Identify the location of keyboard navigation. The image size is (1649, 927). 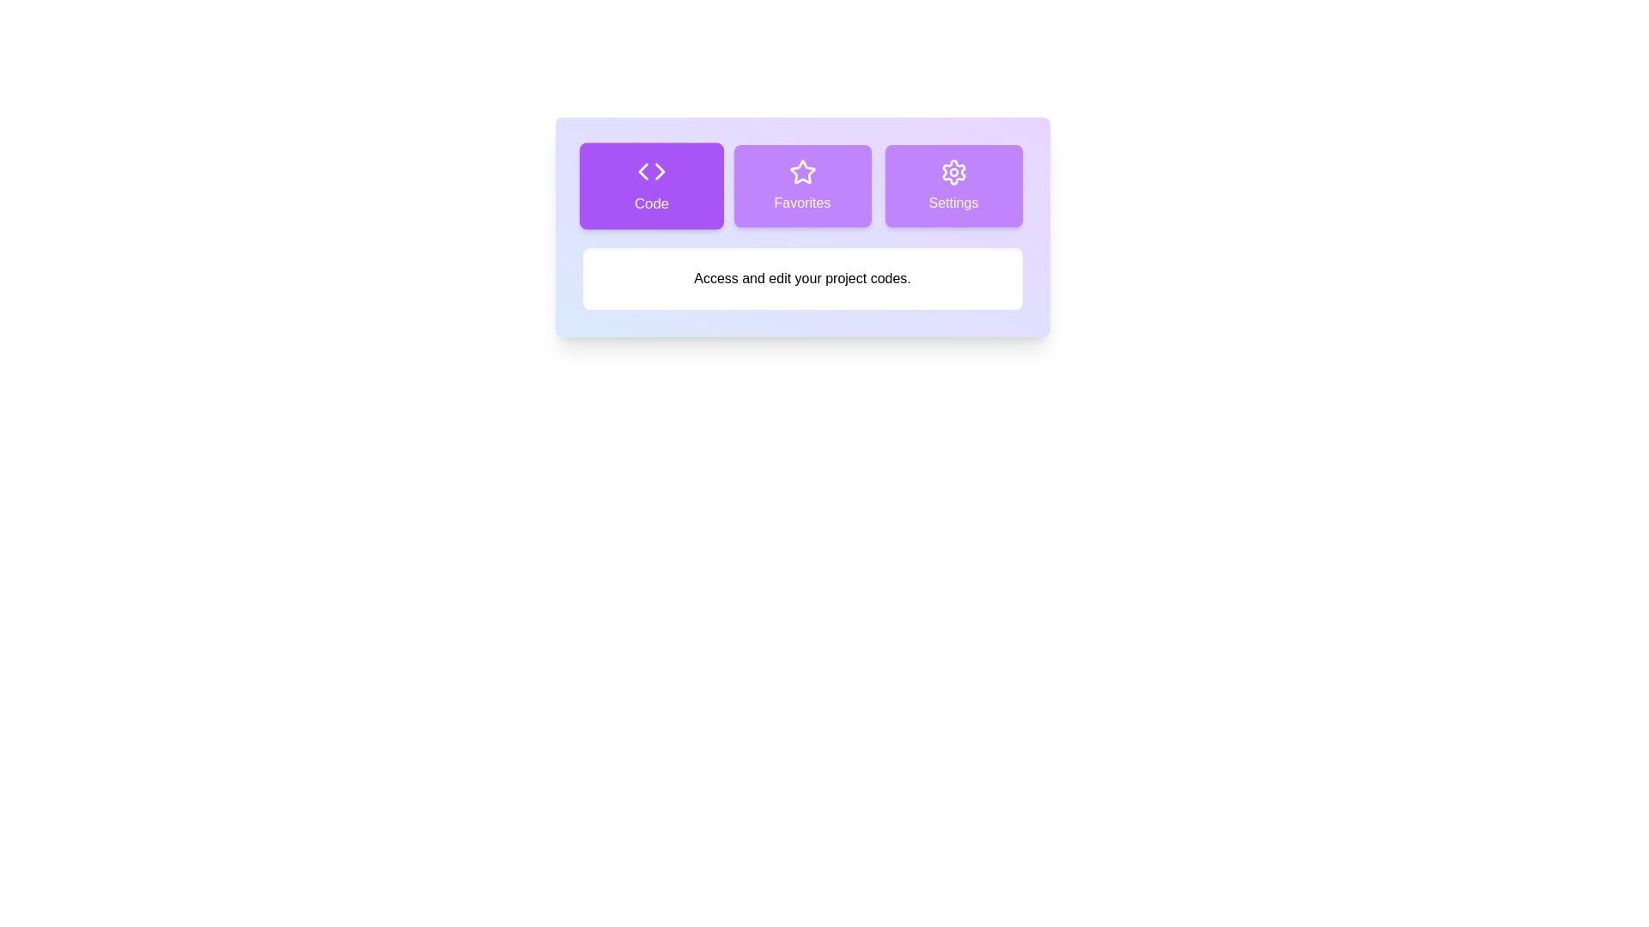
(642, 172).